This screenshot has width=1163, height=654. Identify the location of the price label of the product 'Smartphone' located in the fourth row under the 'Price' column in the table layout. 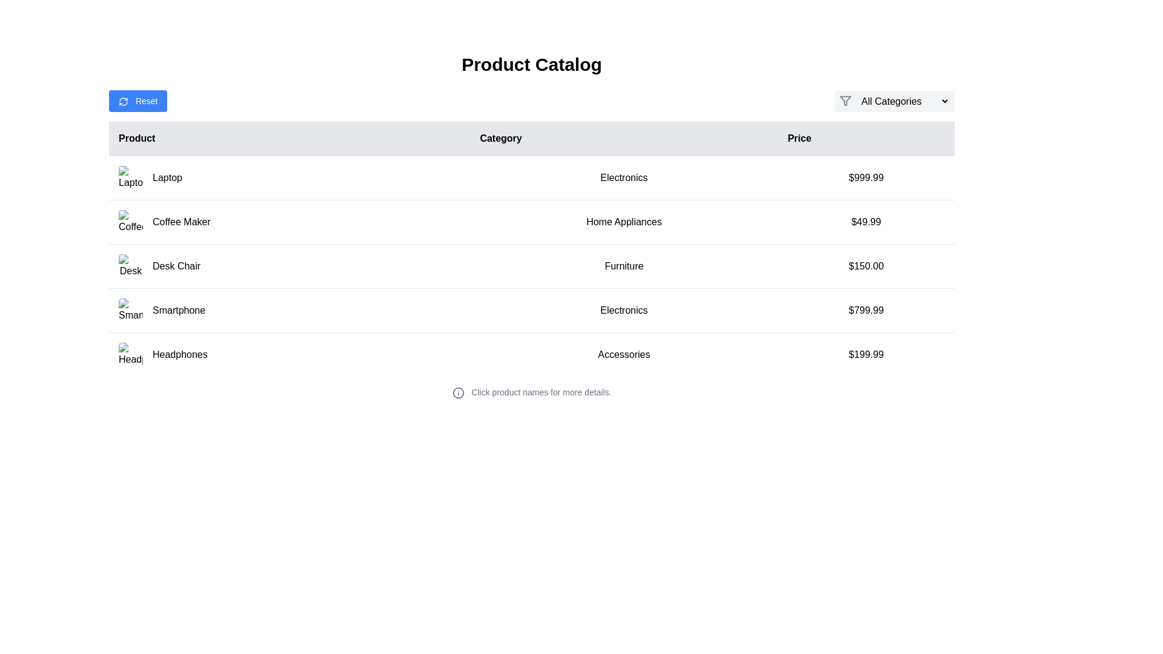
(866, 310).